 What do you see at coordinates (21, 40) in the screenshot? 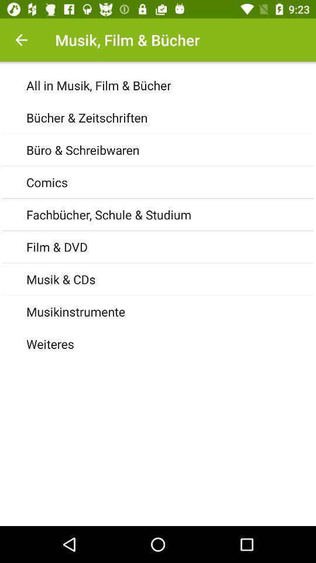
I see `goes back to the last page` at bounding box center [21, 40].